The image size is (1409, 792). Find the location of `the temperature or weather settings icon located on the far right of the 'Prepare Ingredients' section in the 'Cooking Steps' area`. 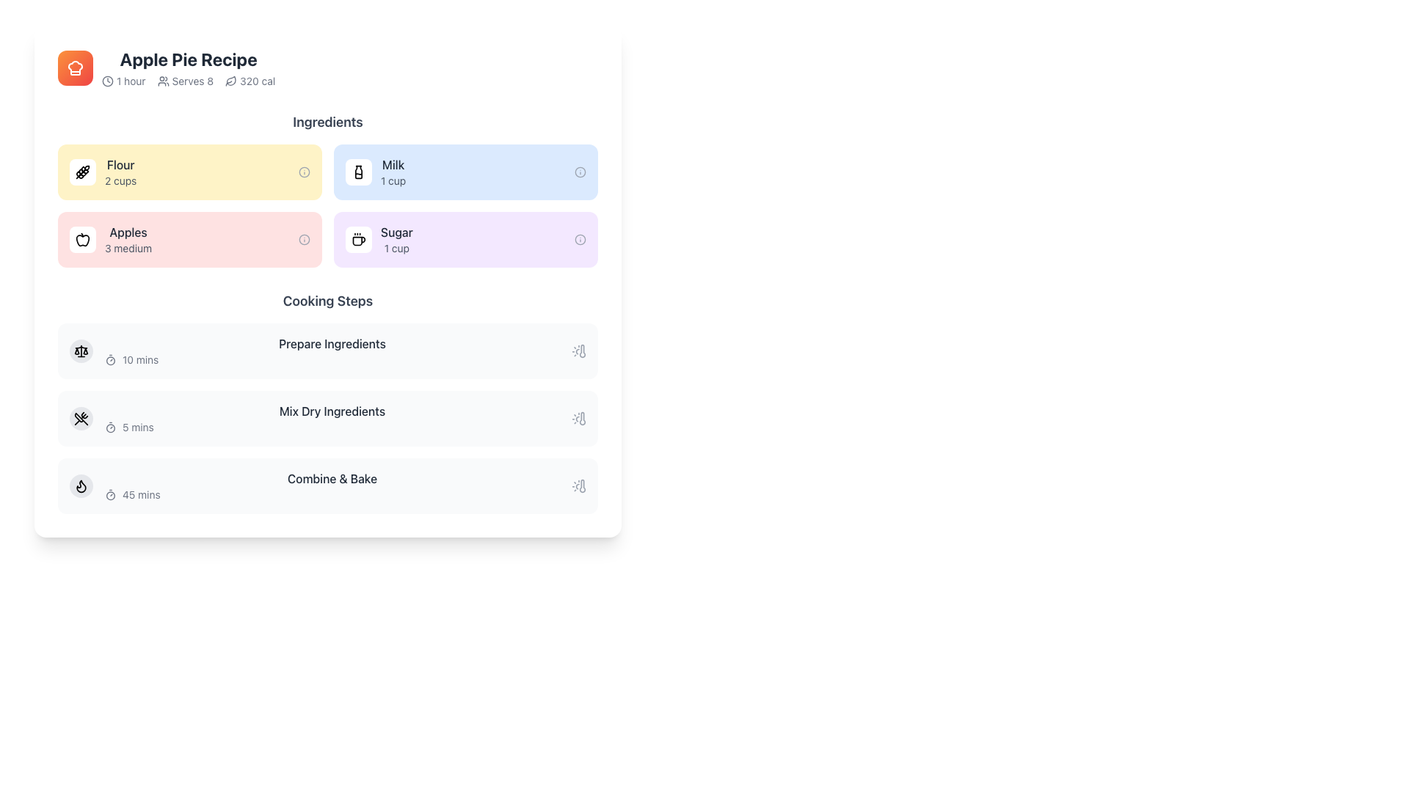

the temperature or weather settings icon located on the far right of the 'Prepare Ingredients' section in the 'Cooking Steps' area is located at coordinates (578, 351).